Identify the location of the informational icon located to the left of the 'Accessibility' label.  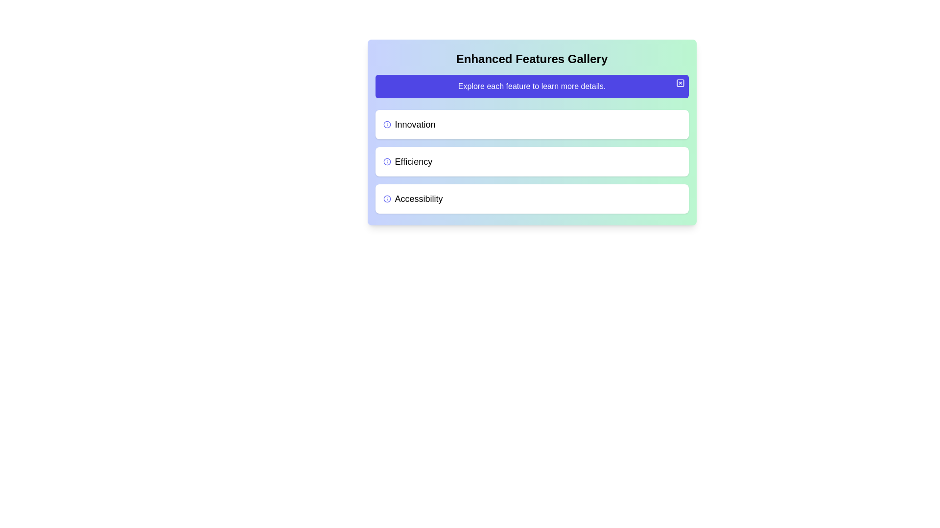
(386, 198).